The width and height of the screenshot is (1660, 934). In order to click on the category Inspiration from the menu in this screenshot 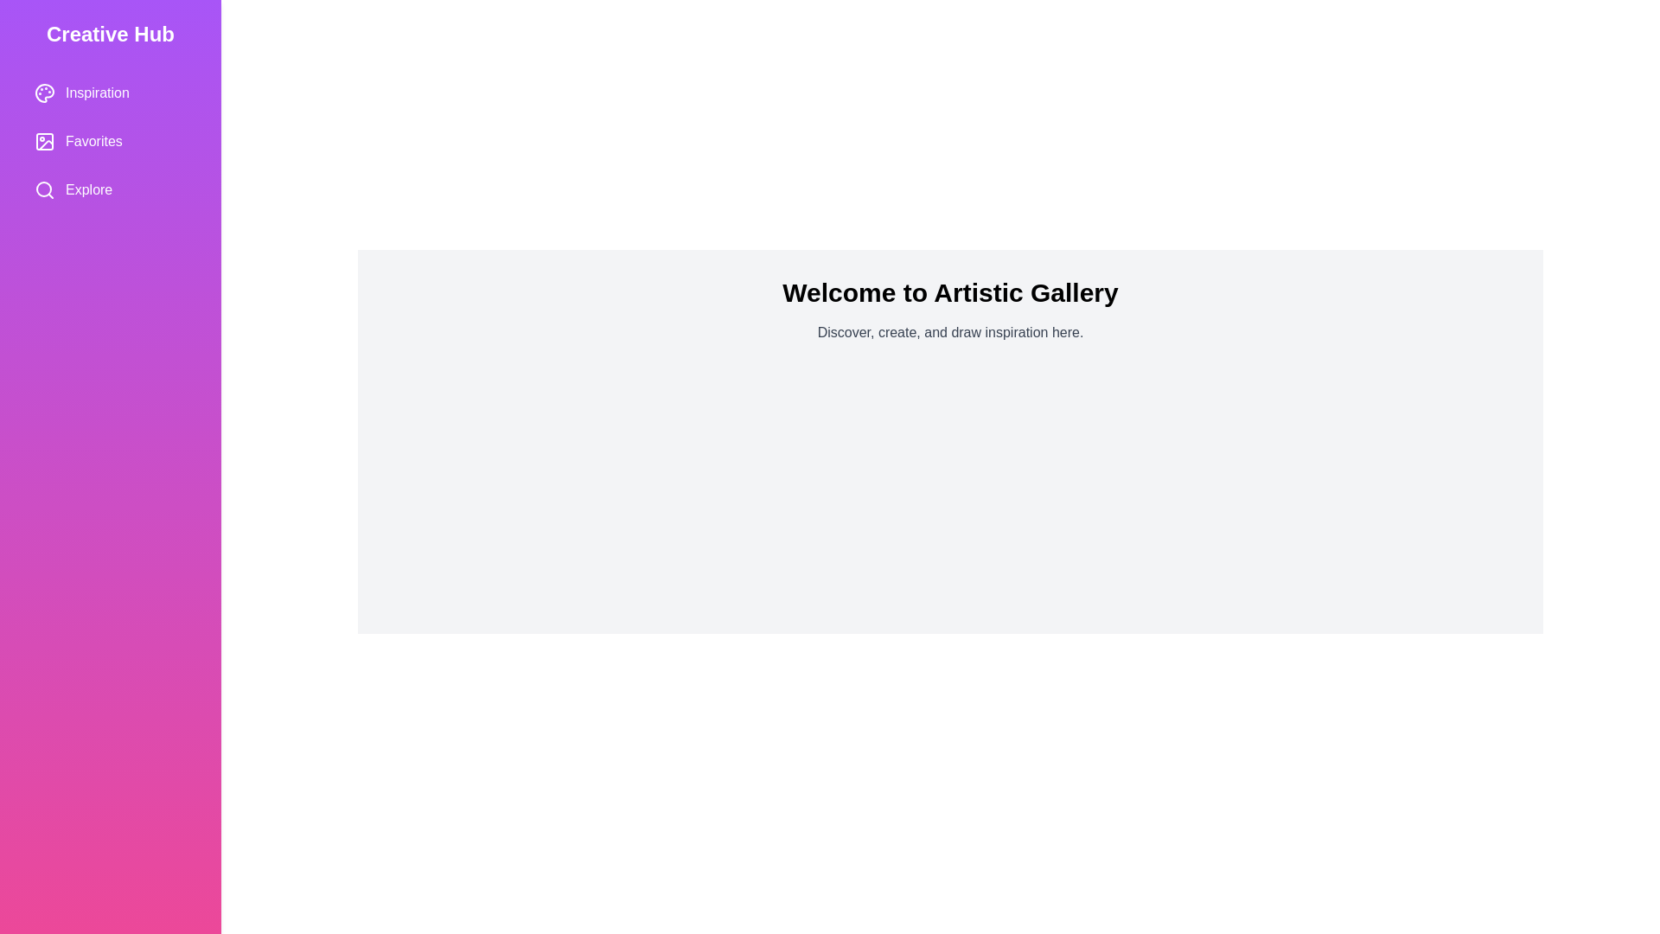, I will do `click(110, 93)`.